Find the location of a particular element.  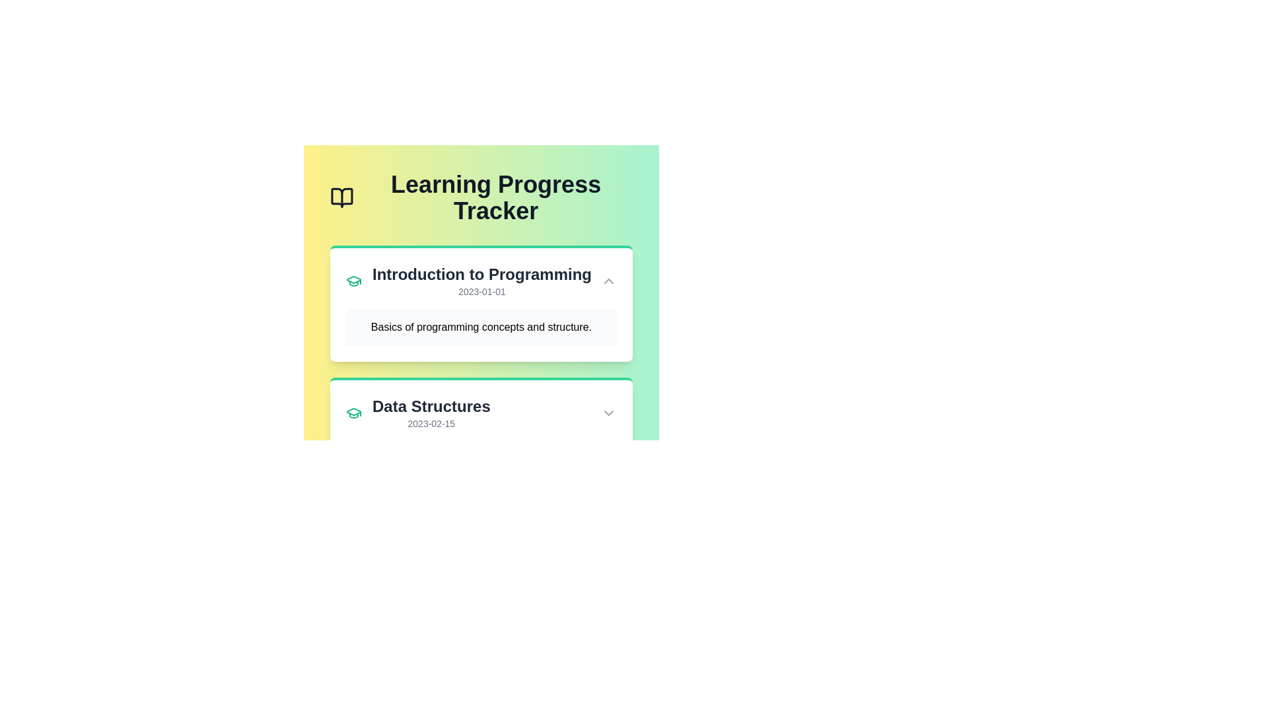

the educational content icon located to the left of the 'Data Structures' label, if it is interactive is located at coordinates (354, 412).